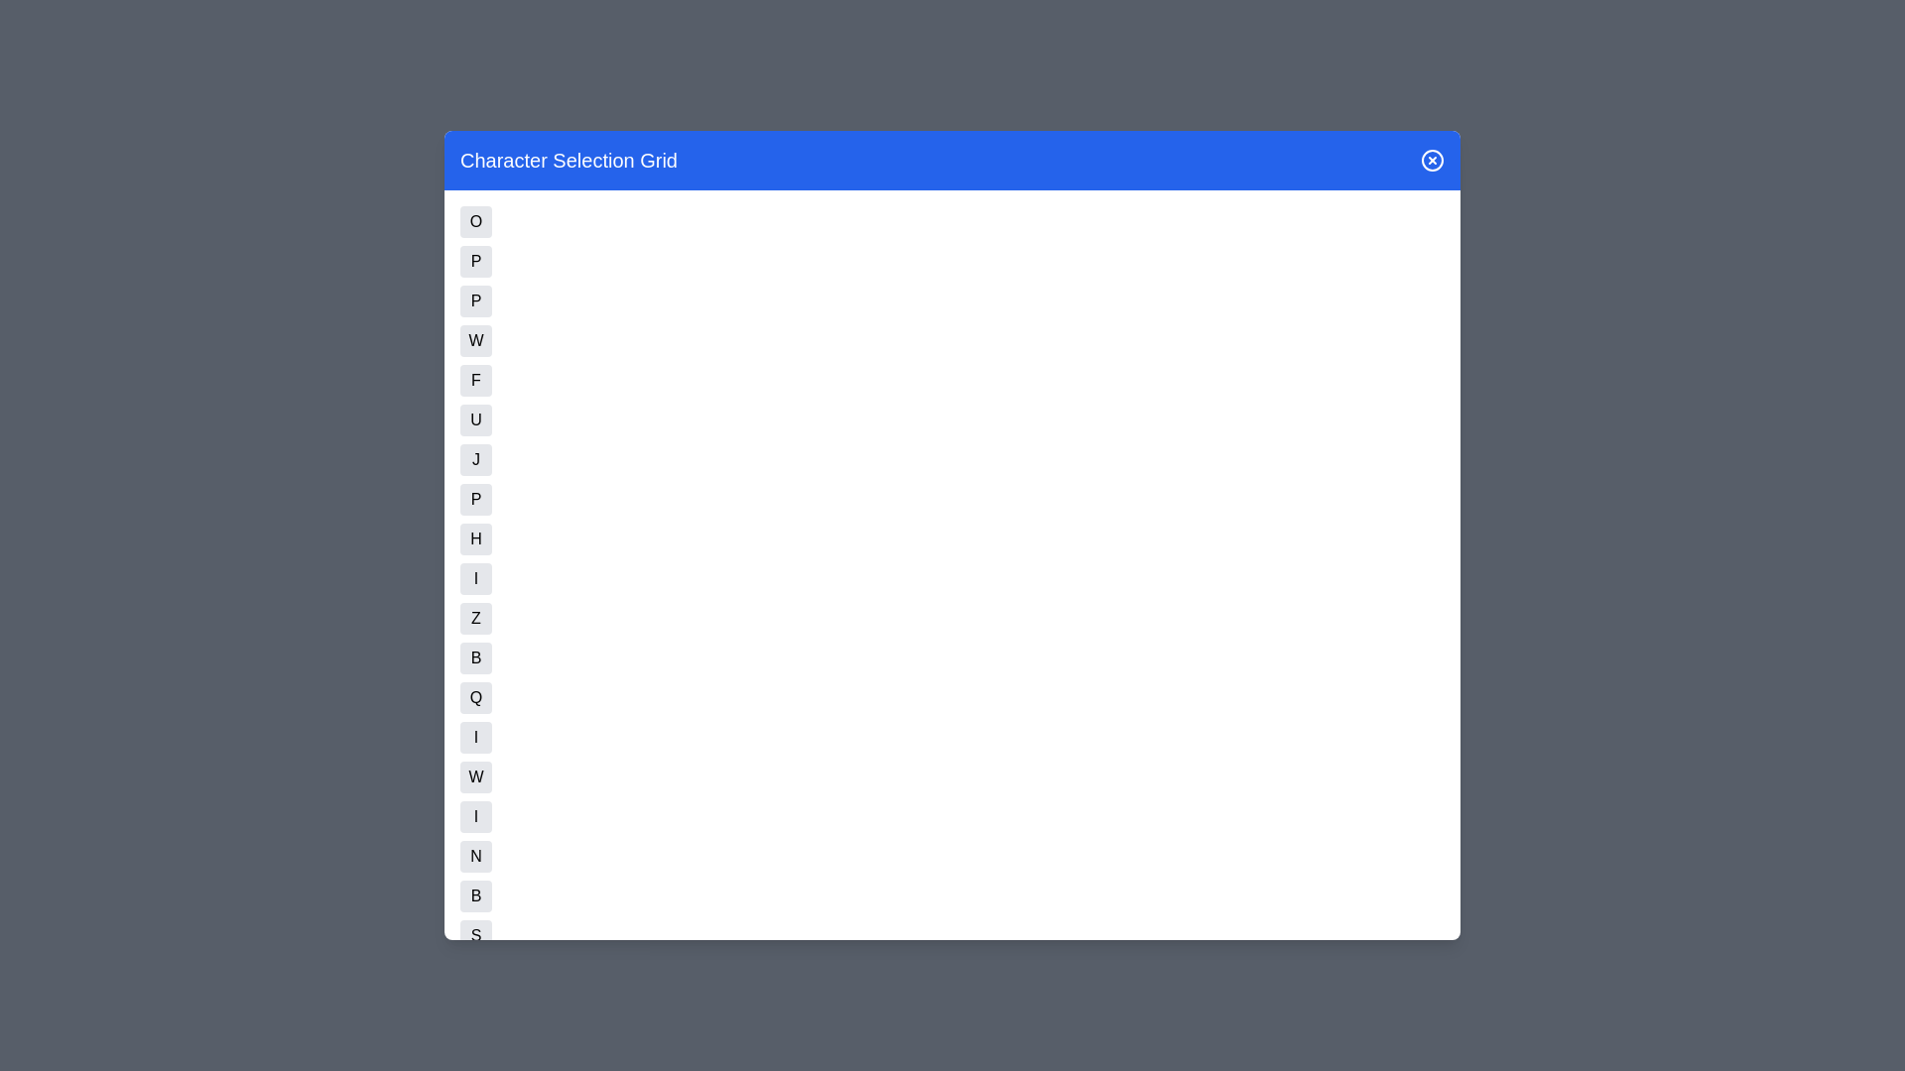  What do you see at coordinates (1433, 160) in the screenshot?
I see `the close button in the header to close the dialog` at bounding box center [1433, 160].